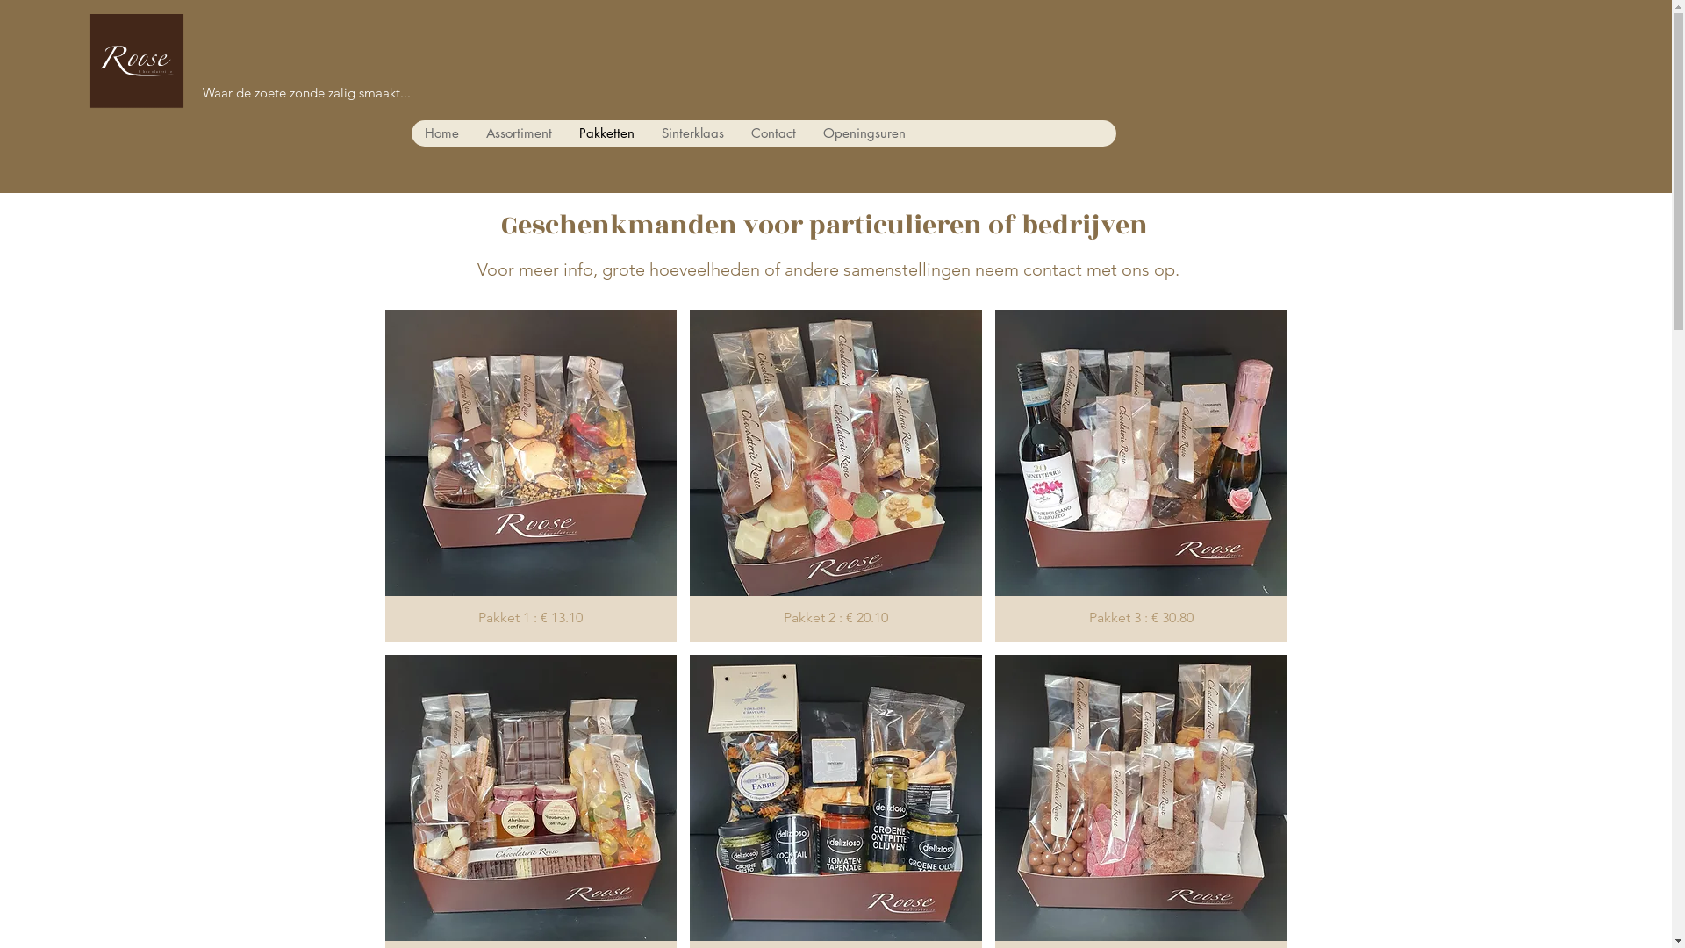 This screenshot has width=1685, height=948. I want to click on 'Sinterklaas', so click(647, 132).